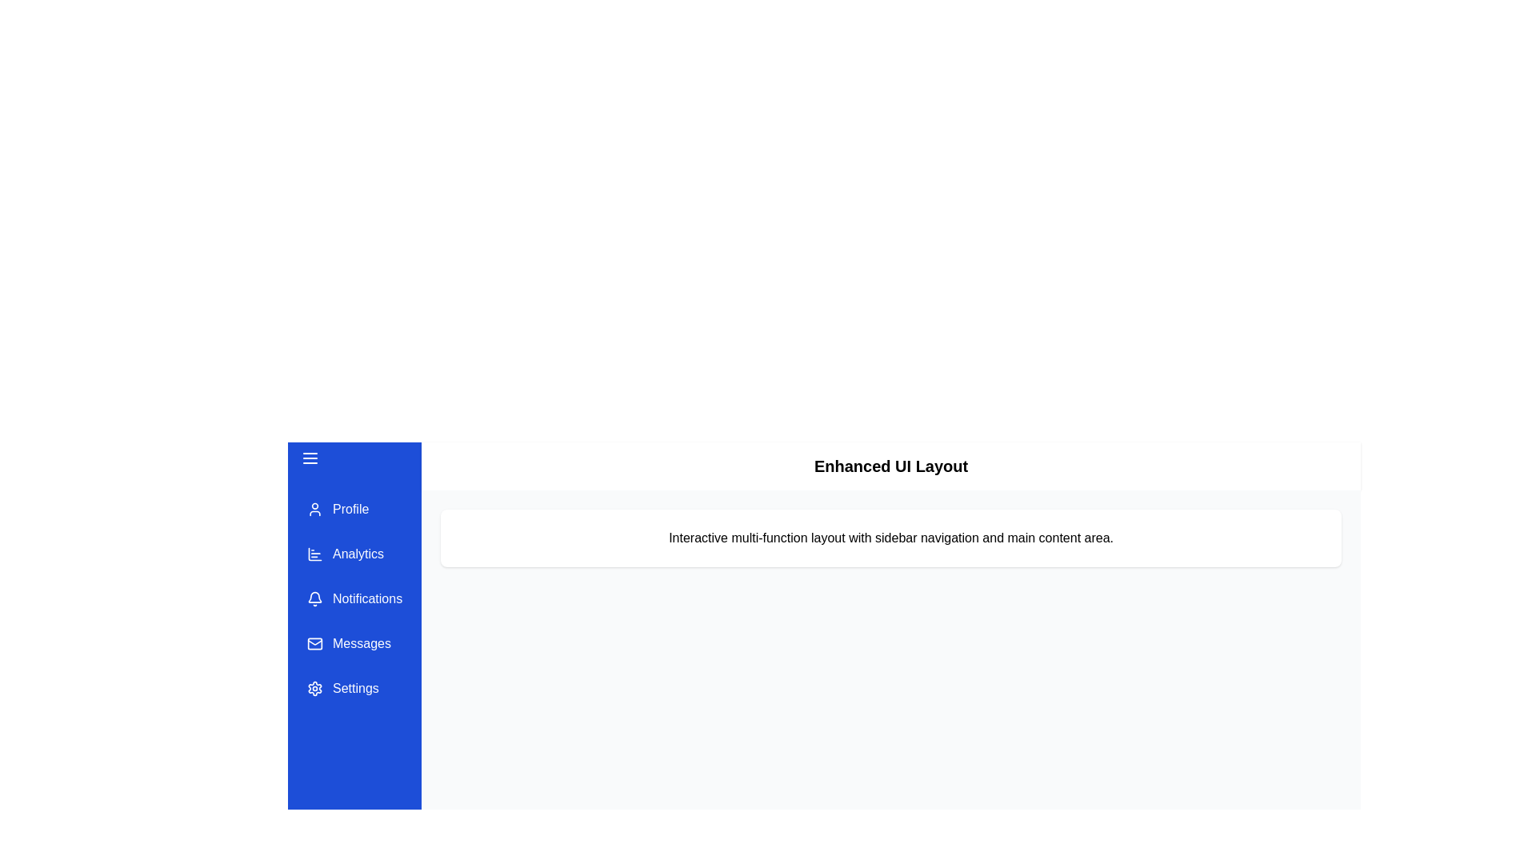  What do you see at coordinates (361, 643) in the screenshot?
I see `the Text label in the vertical navigation menu` at bounding box center [361, 643].